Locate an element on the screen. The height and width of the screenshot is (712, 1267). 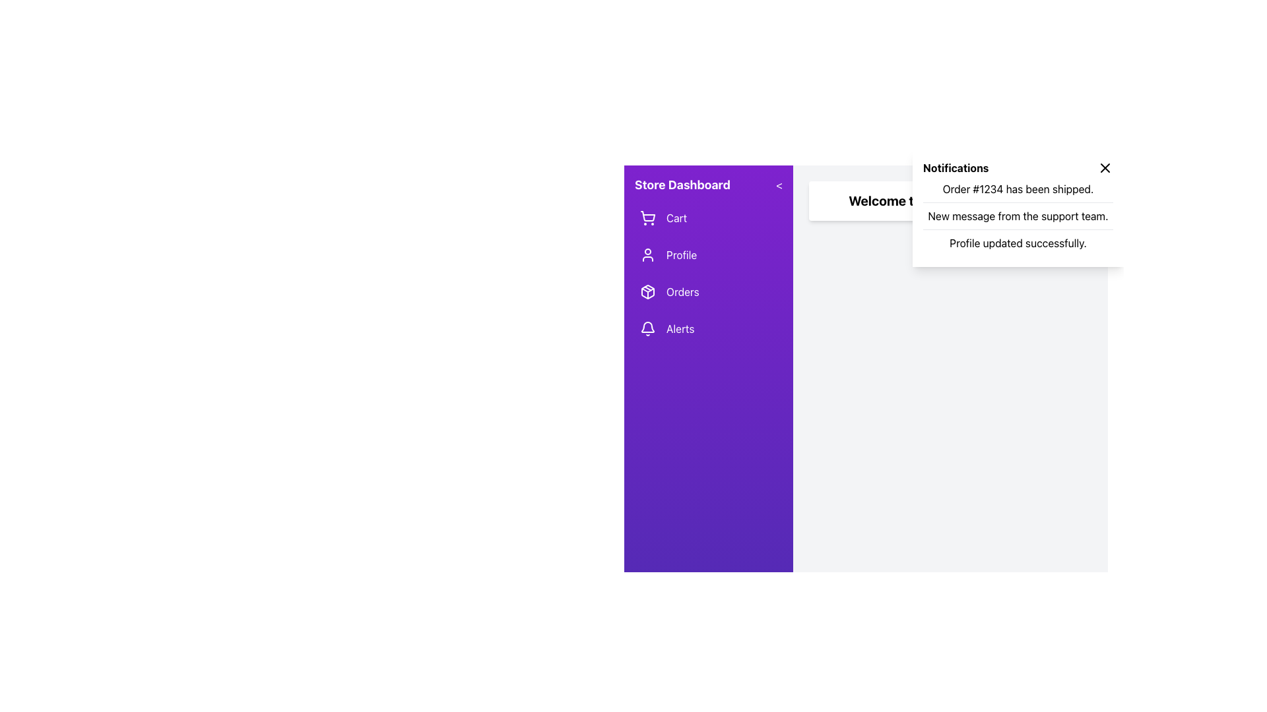
the bell notification icon, which is a rounded outline styled in a line drawing format, located at the bottom of the purple sidebar, beneath the 'Orders' item is located at coordinates (648, 326).